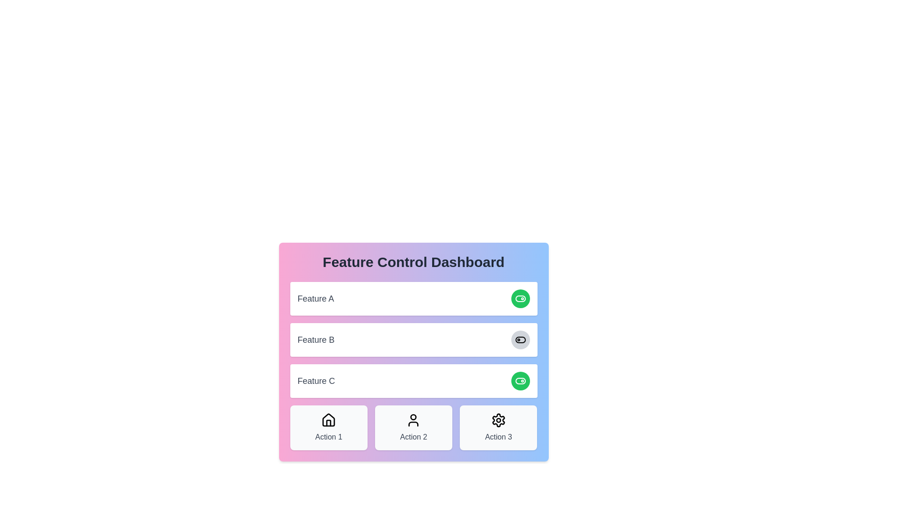 This screenshot has height=505, width=899. I want to click on the toggle switch for 'Feature C' to change its state, so click(520, 381).